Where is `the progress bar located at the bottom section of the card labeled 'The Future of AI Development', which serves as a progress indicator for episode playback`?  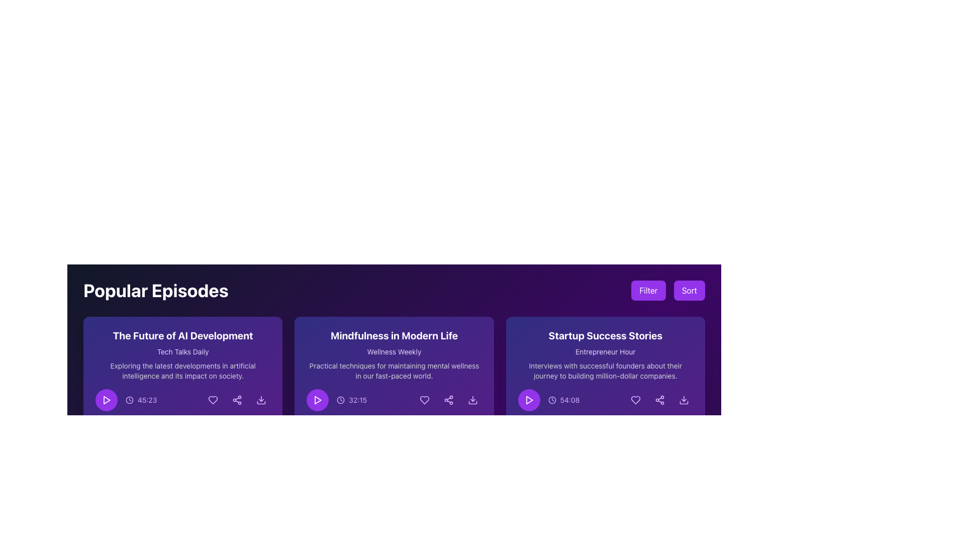
the progress bar located at the bottom section of the card labeled 'The Future of AI Development', which serves as a progress indicator for episode playback is located at coordinates (134, 421).